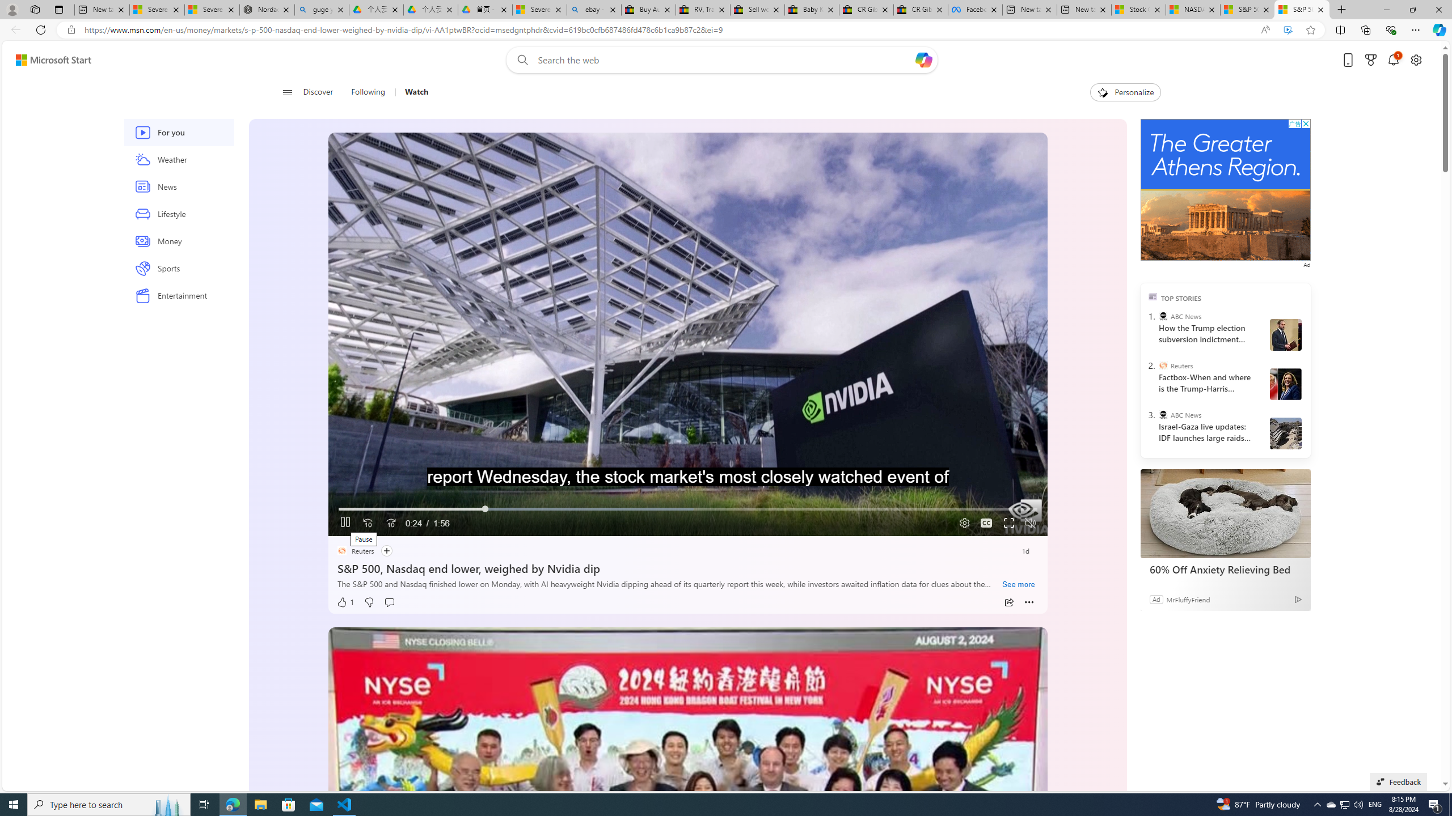 This screenshot has height=816, width=1452. What do you see at coordinates (703, 9) in the screenshot?
I see `'RV, Trailer & Camper Steps & Ladders for sale | eBay'` at bounding box center [703, 9].